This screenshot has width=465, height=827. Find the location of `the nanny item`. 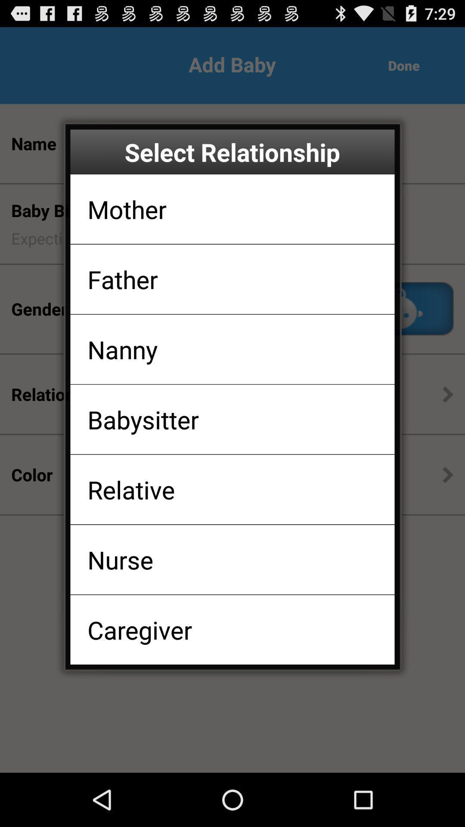

the nanny item is located at coordinates (122, 349).